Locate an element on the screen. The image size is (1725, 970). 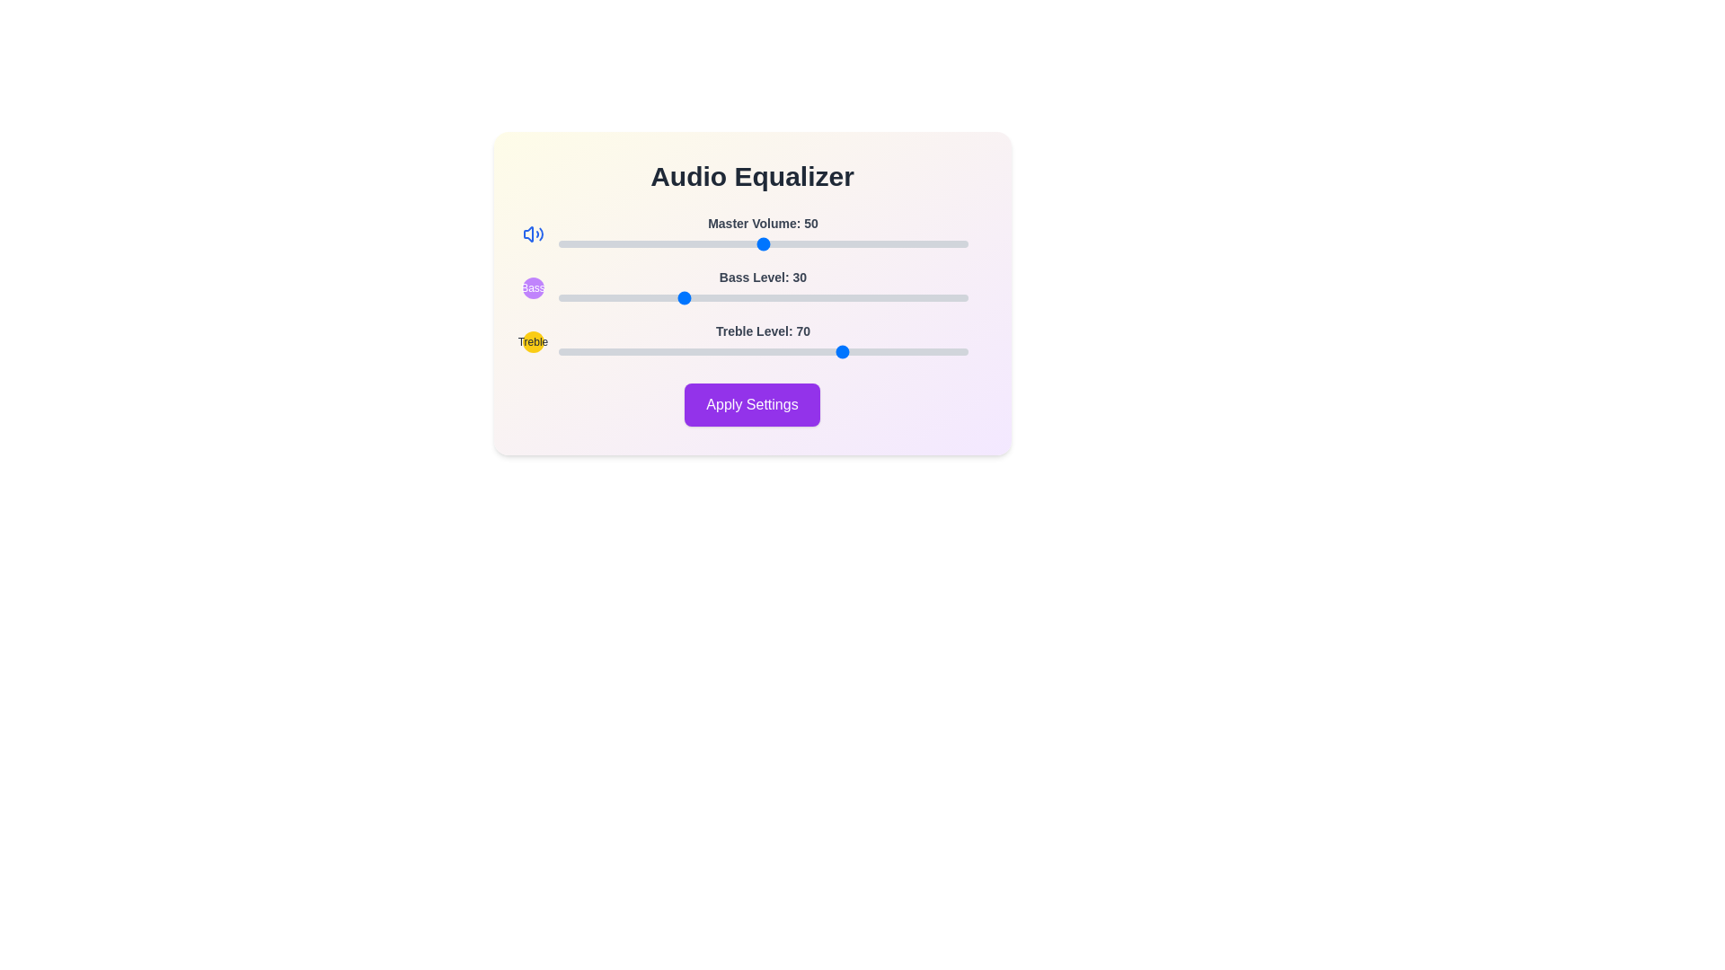
bass level is located at coordinates (926, 296).